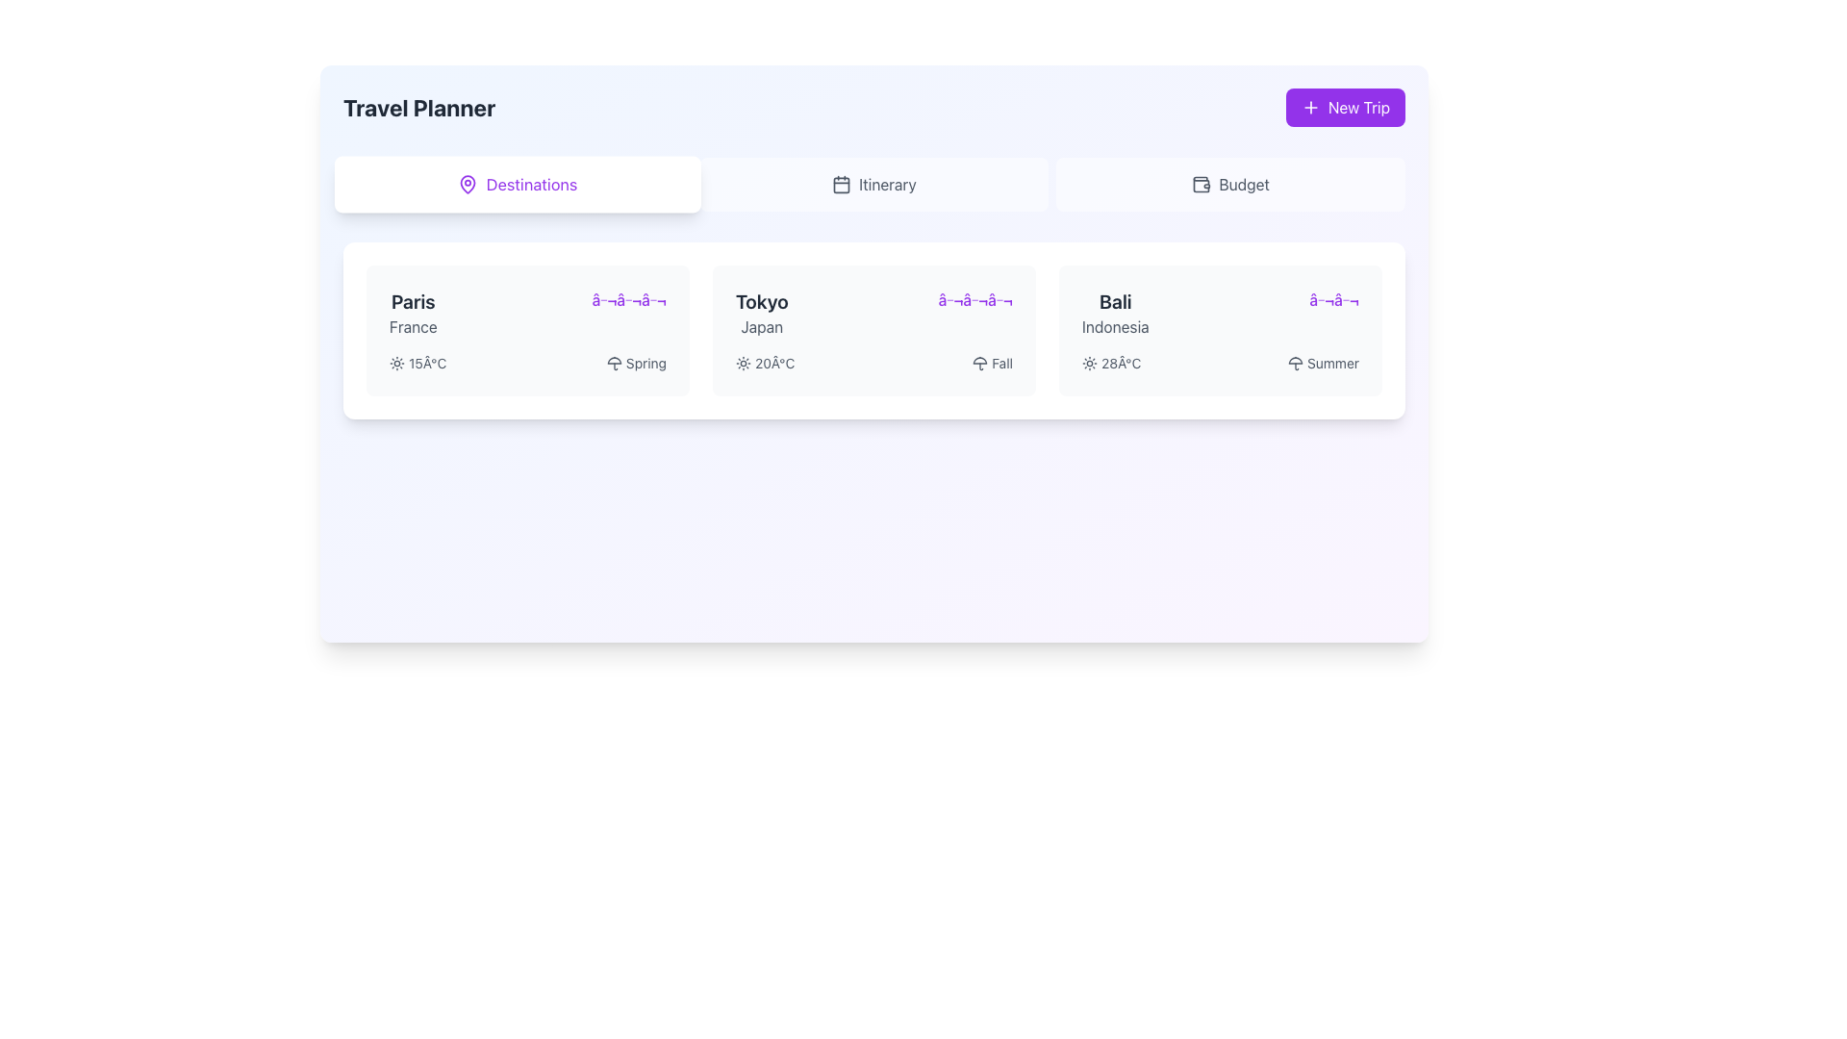  What do you see at coordinates (764, 364) in the screenshot?
I see `the temperature indicator for Tokyo, Japan, which is the first component under the city cards section, positioned left of the 'Fall' label` at bounding box center [764, 364].